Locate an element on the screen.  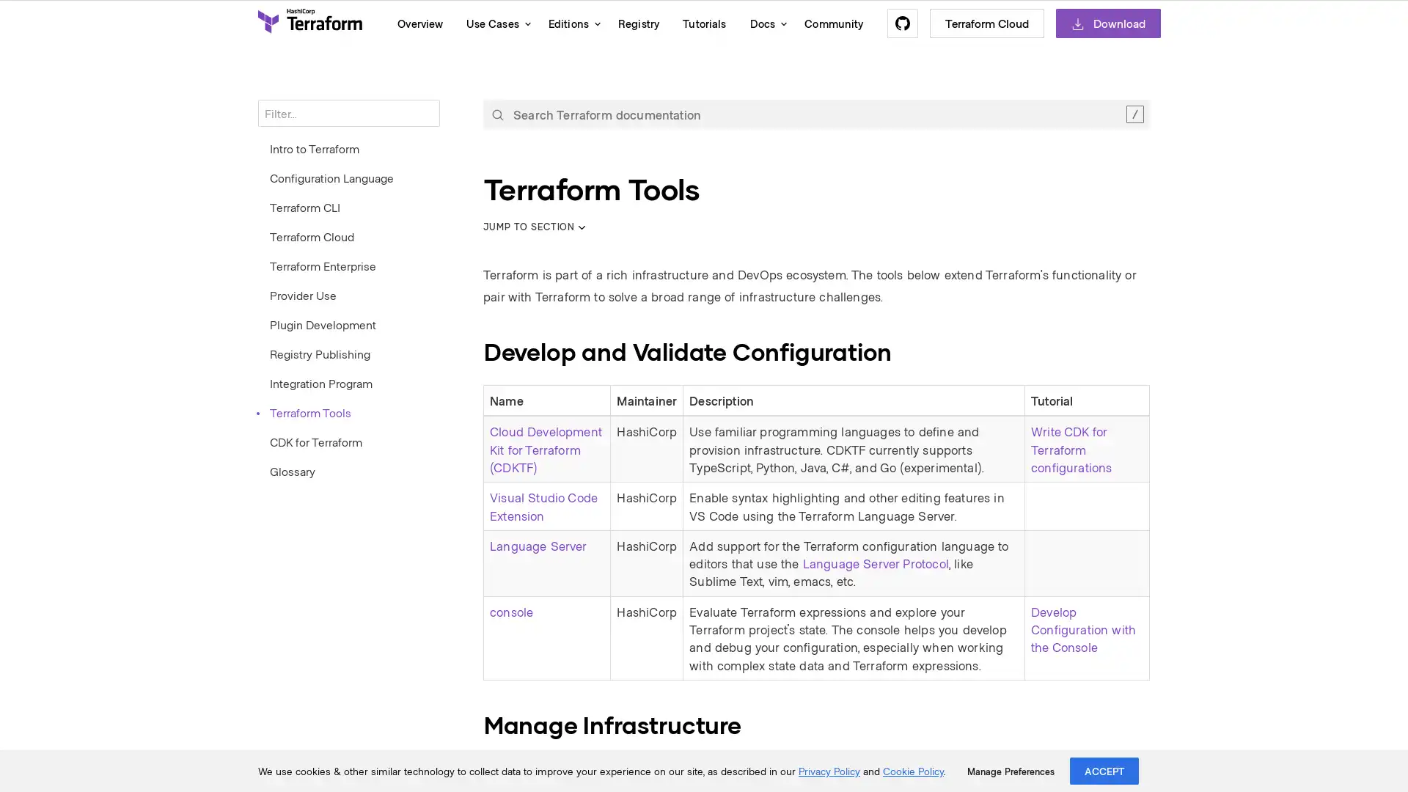
Clear the search query. is located at coordinates (1134, 113).